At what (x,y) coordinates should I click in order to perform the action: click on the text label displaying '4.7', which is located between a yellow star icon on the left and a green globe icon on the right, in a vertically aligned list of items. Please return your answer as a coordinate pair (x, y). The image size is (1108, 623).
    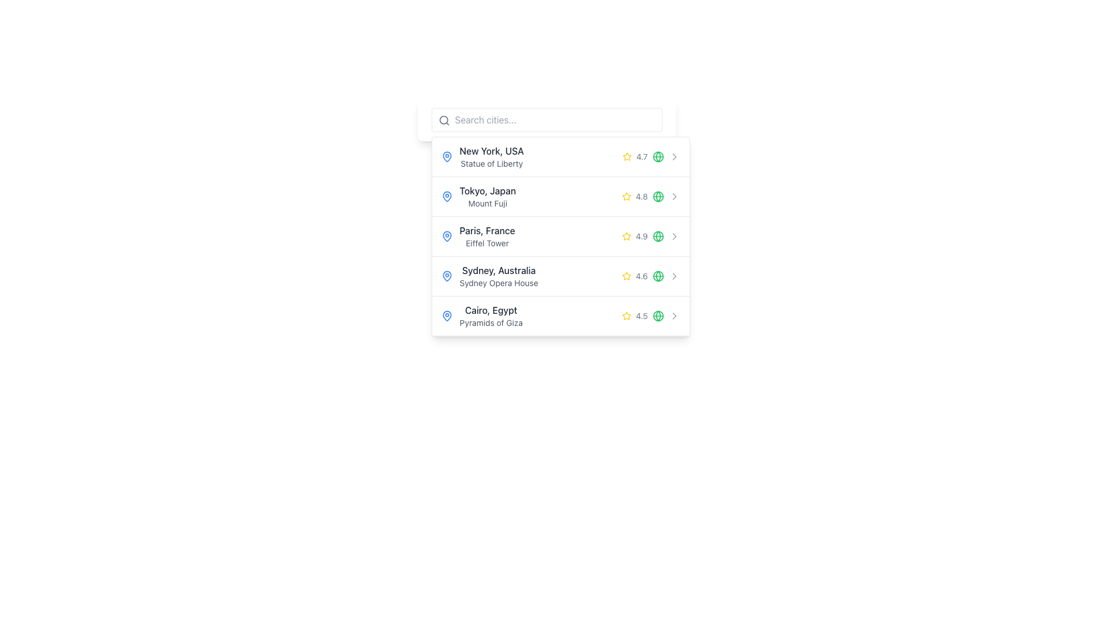
    Looking at the image, I should click on (641, 157).